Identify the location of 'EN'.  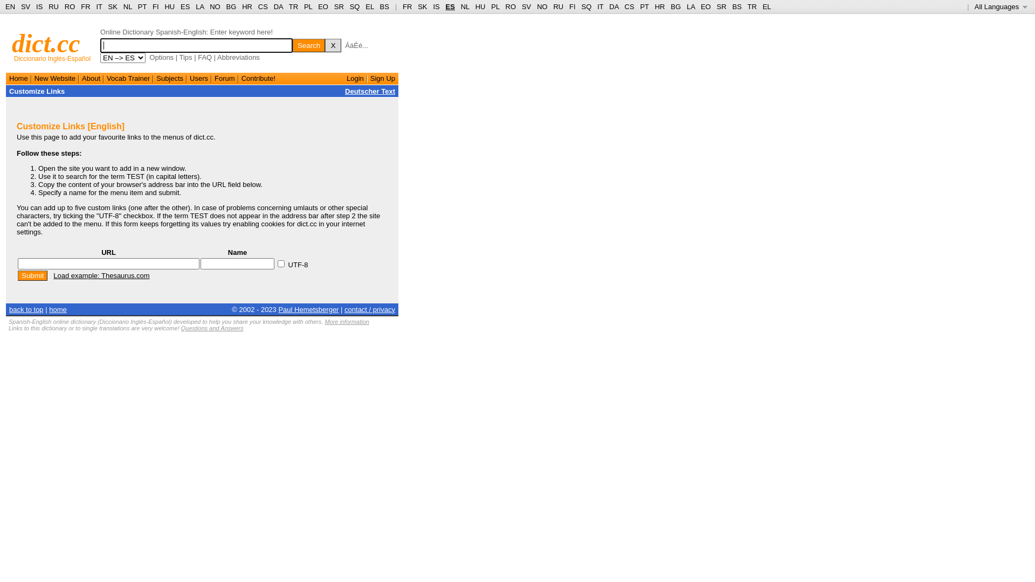
(10, 6).